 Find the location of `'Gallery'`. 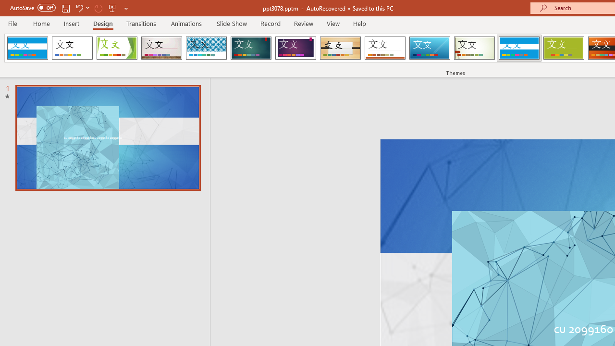

'Gallery' is located at coordinates (161, 48).